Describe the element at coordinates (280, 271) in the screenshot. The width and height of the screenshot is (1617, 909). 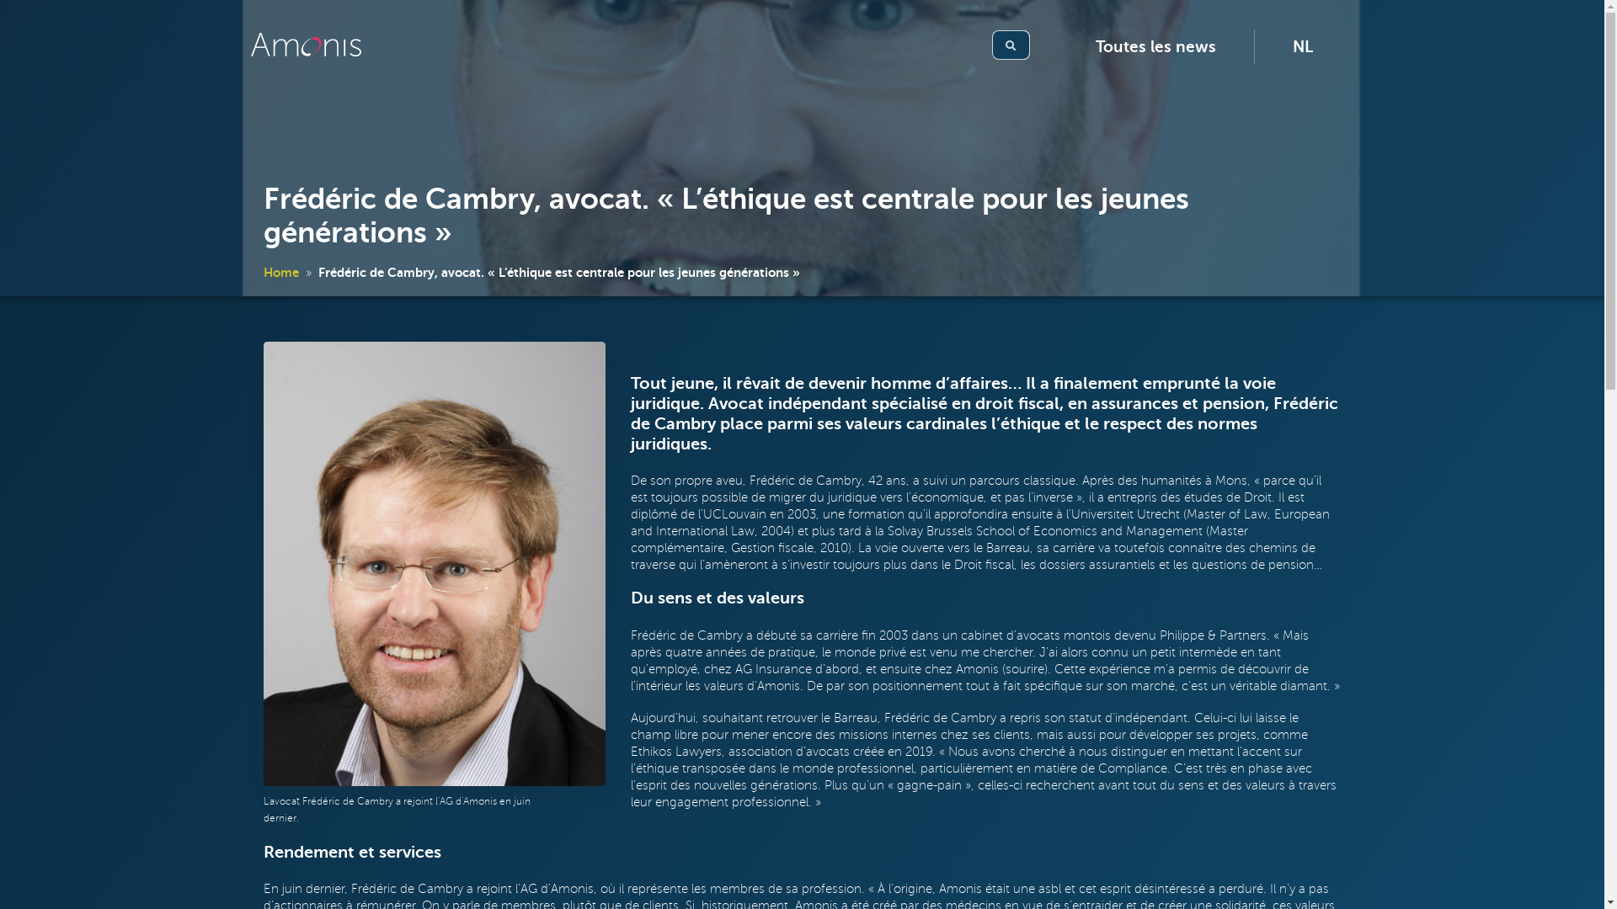
I see `'Home'` at that location.